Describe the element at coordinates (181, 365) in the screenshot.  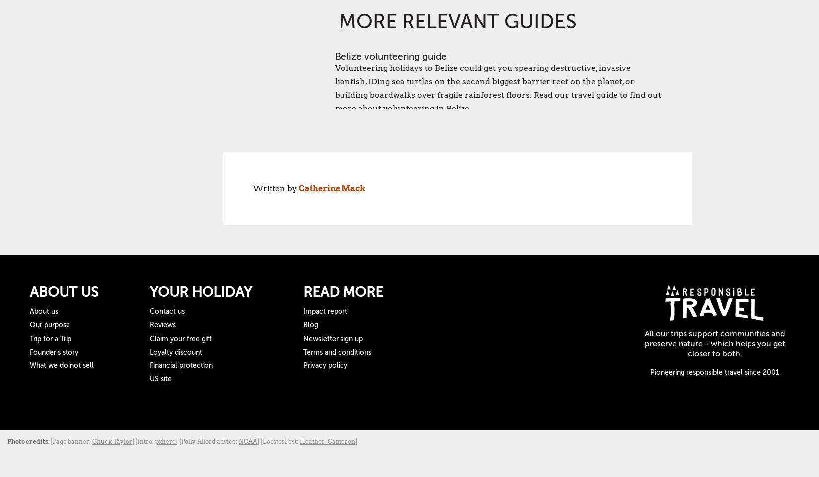
I see `'Financial protection'` at that location.